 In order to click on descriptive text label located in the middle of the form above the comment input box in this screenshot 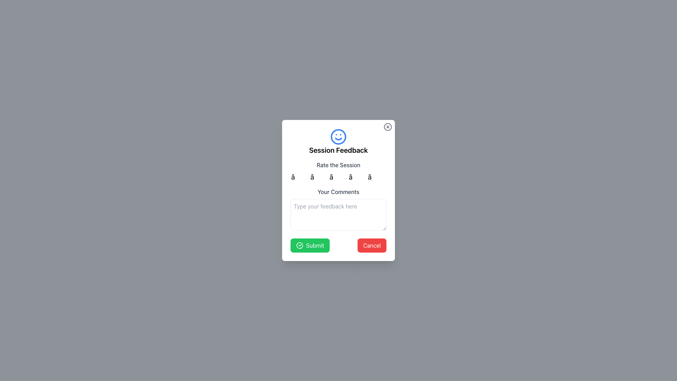, I will do `click(338, 192)`.